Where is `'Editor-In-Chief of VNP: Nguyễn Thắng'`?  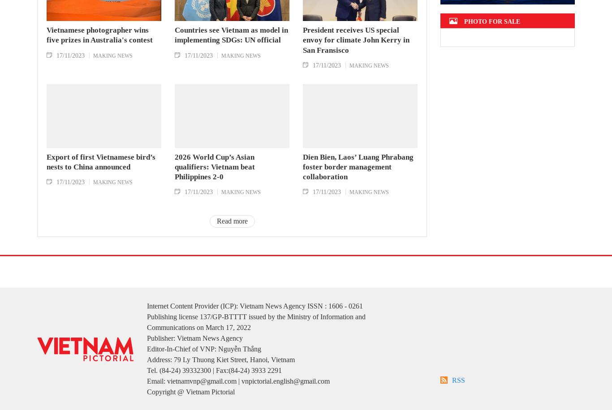 'Editor-In-Chief of VNP: Nguyễn Thắng' is located at coordinates (203, 362).